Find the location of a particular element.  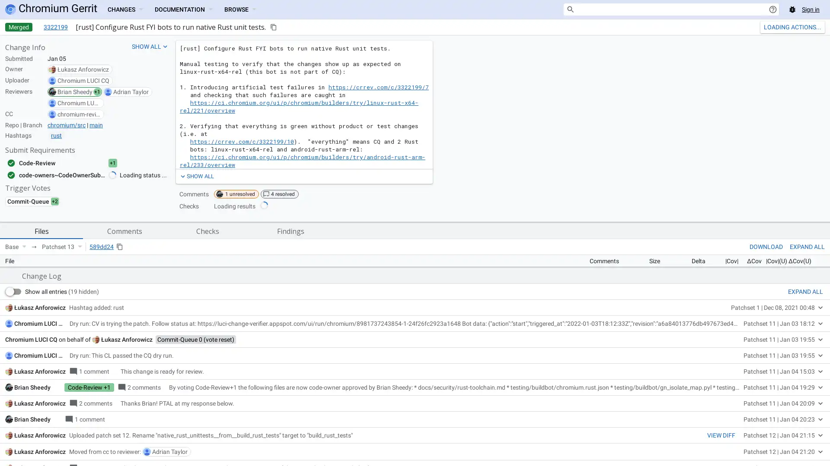

INTERNAL is located at coordinates (750, 375).